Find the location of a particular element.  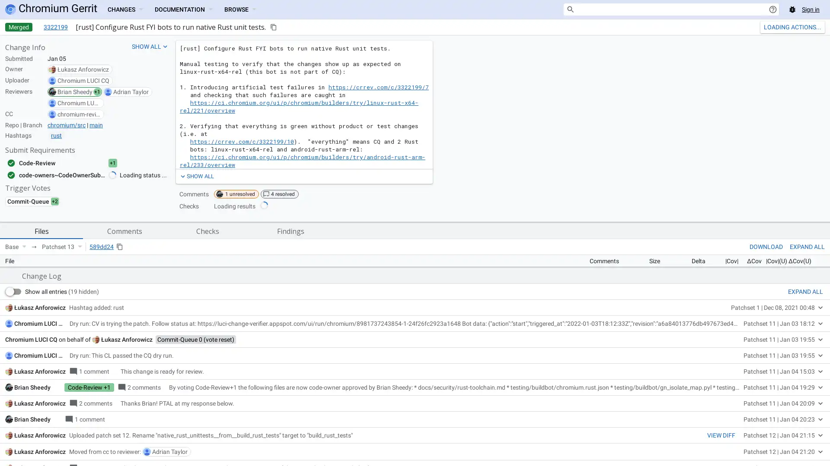

INTERNAL is located at coordinates (750, 375).